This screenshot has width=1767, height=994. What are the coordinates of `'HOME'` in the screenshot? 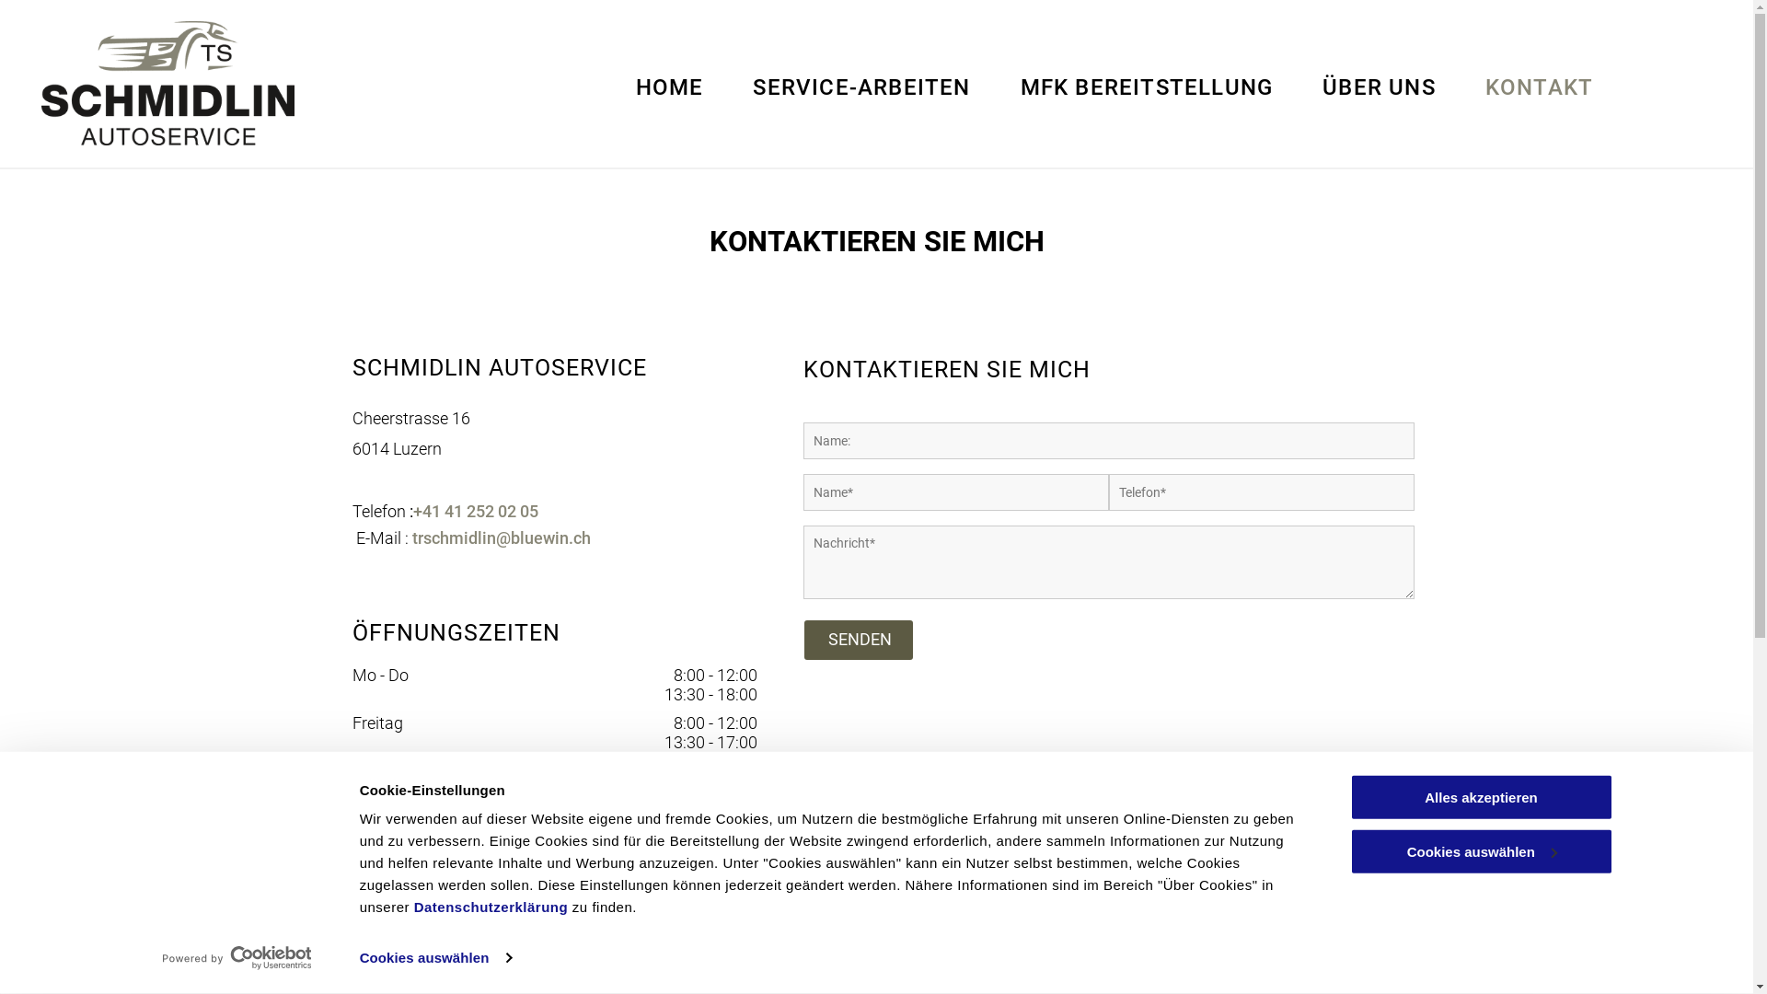 It's located at (669, 87).